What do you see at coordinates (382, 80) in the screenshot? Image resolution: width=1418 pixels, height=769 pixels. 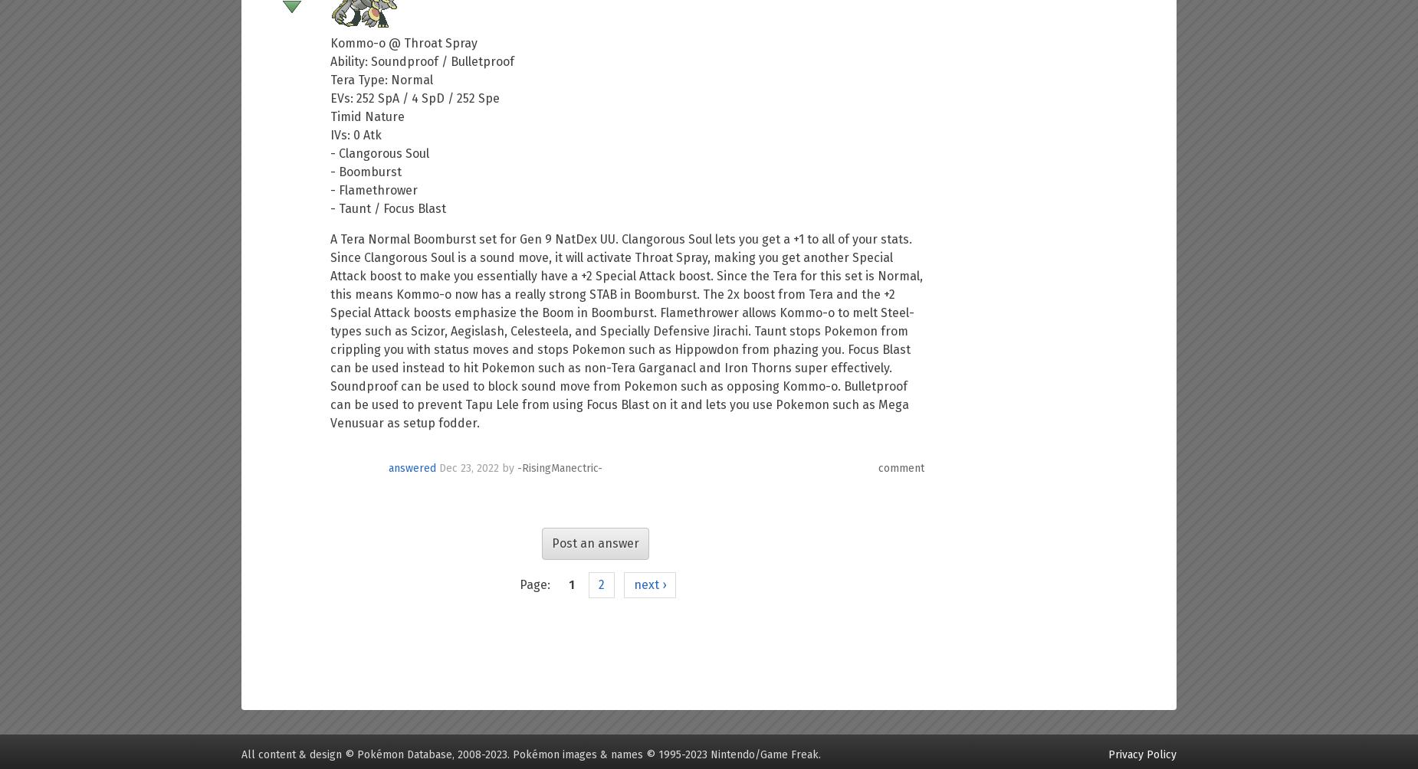 I see `'Tera Type: Normal'` at bounding box center [382, 80].